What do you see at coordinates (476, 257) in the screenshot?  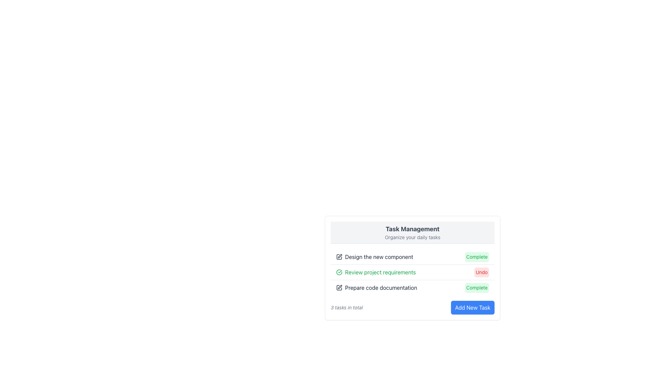 I see `the 'Complete' button located on the far right of the task management section to change the task status` at bounding box center [476, 257].